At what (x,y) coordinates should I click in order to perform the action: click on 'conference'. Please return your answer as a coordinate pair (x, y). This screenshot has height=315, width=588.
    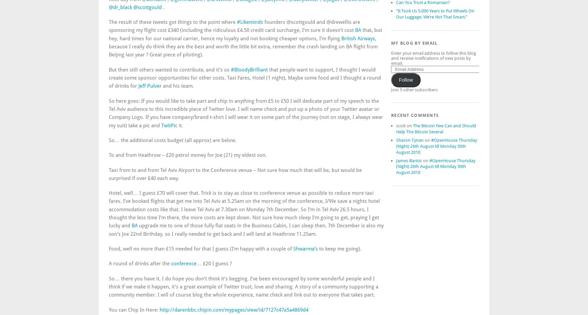
    Looking at the image, I should click on (183, 263).